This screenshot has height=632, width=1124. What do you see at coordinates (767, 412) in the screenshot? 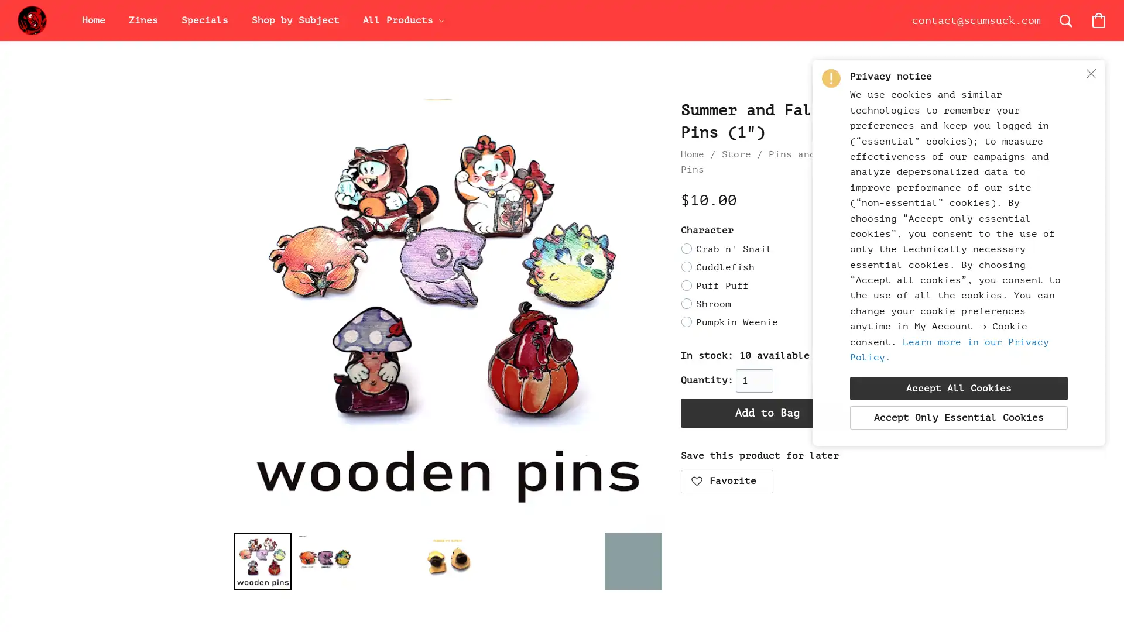
I see `Add to Bag` at bounding box center [767, 412].